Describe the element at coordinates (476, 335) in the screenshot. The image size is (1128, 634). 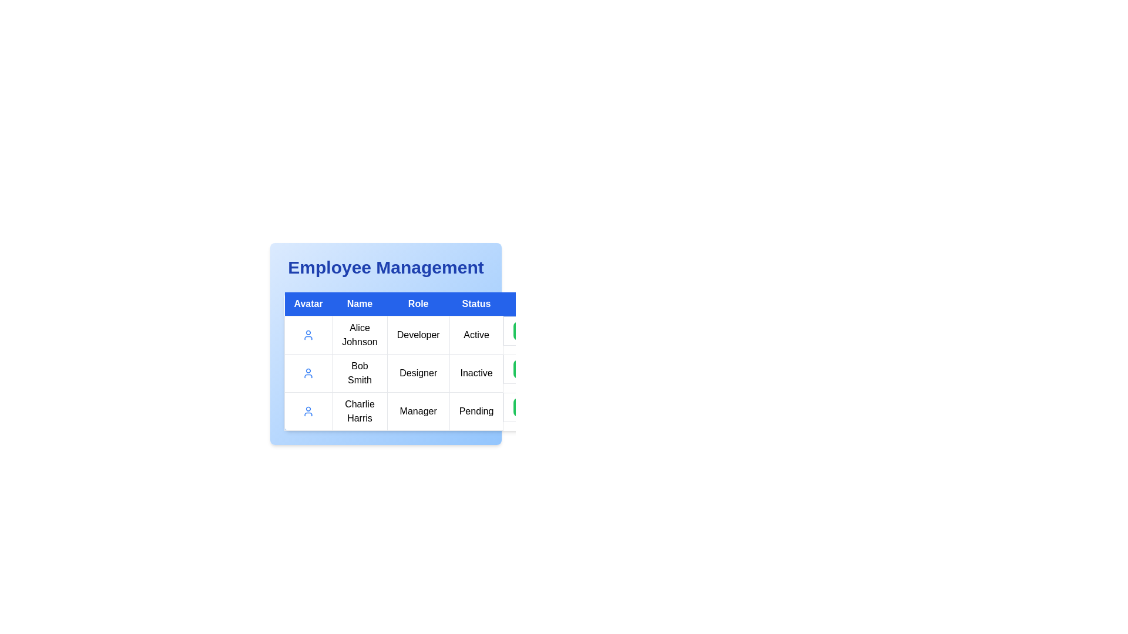
I see `the status indicator text label for user 'Alice Johnson', which is located in the 'Status' column of the table, indicating their employment state as 'Active'` at that location.